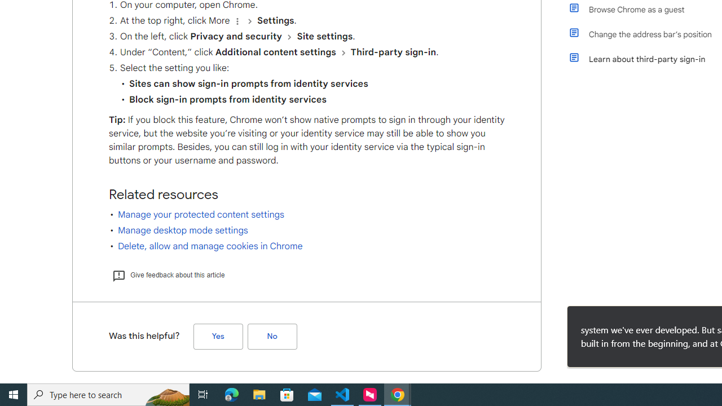  What do you see at coordinates (201, 214) in the screenshot?
I see `'Manage your protected content settings'` at bounding box center [201, 214].